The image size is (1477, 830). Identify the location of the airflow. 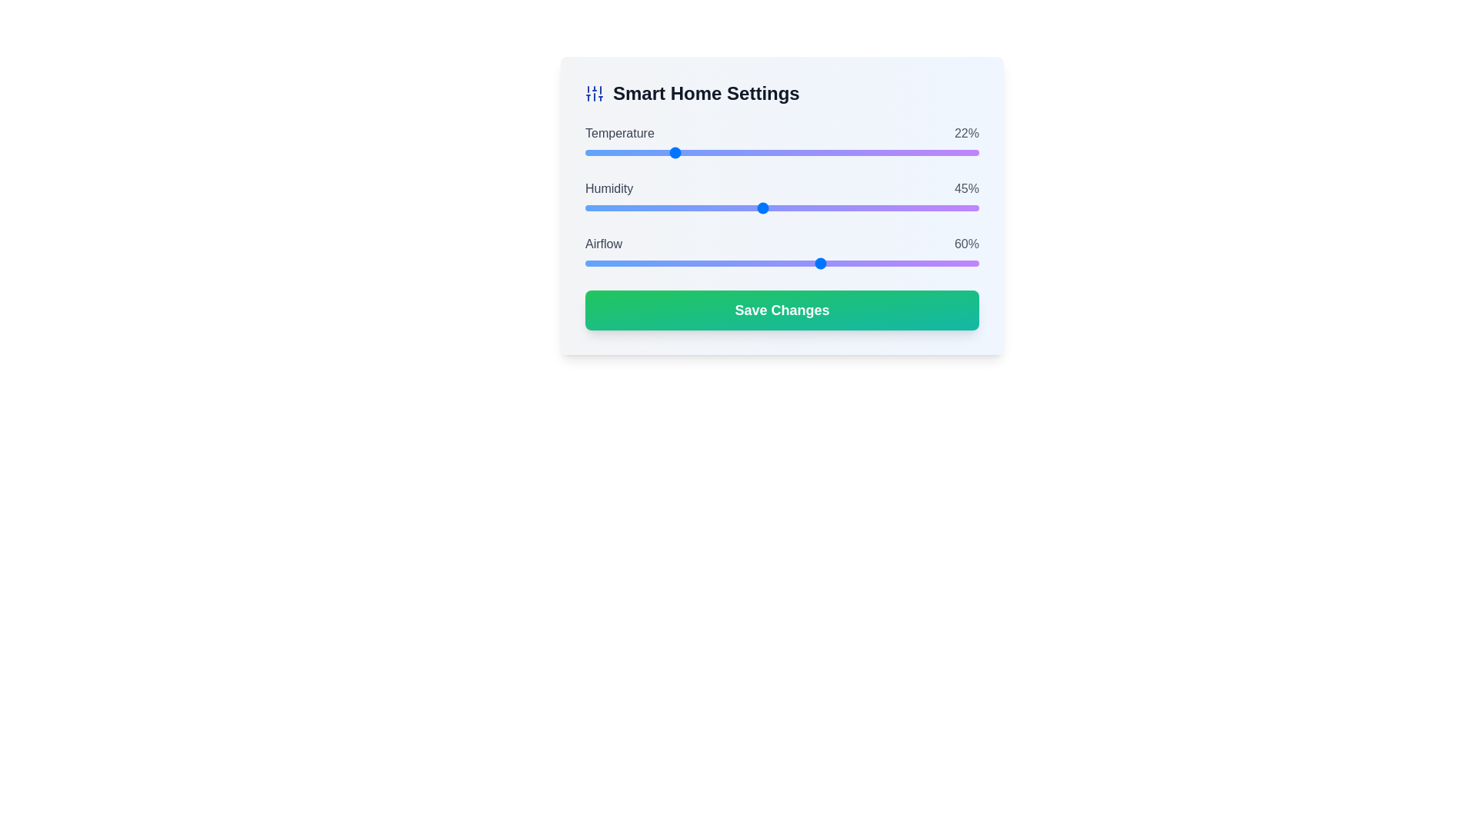
(648, 263).